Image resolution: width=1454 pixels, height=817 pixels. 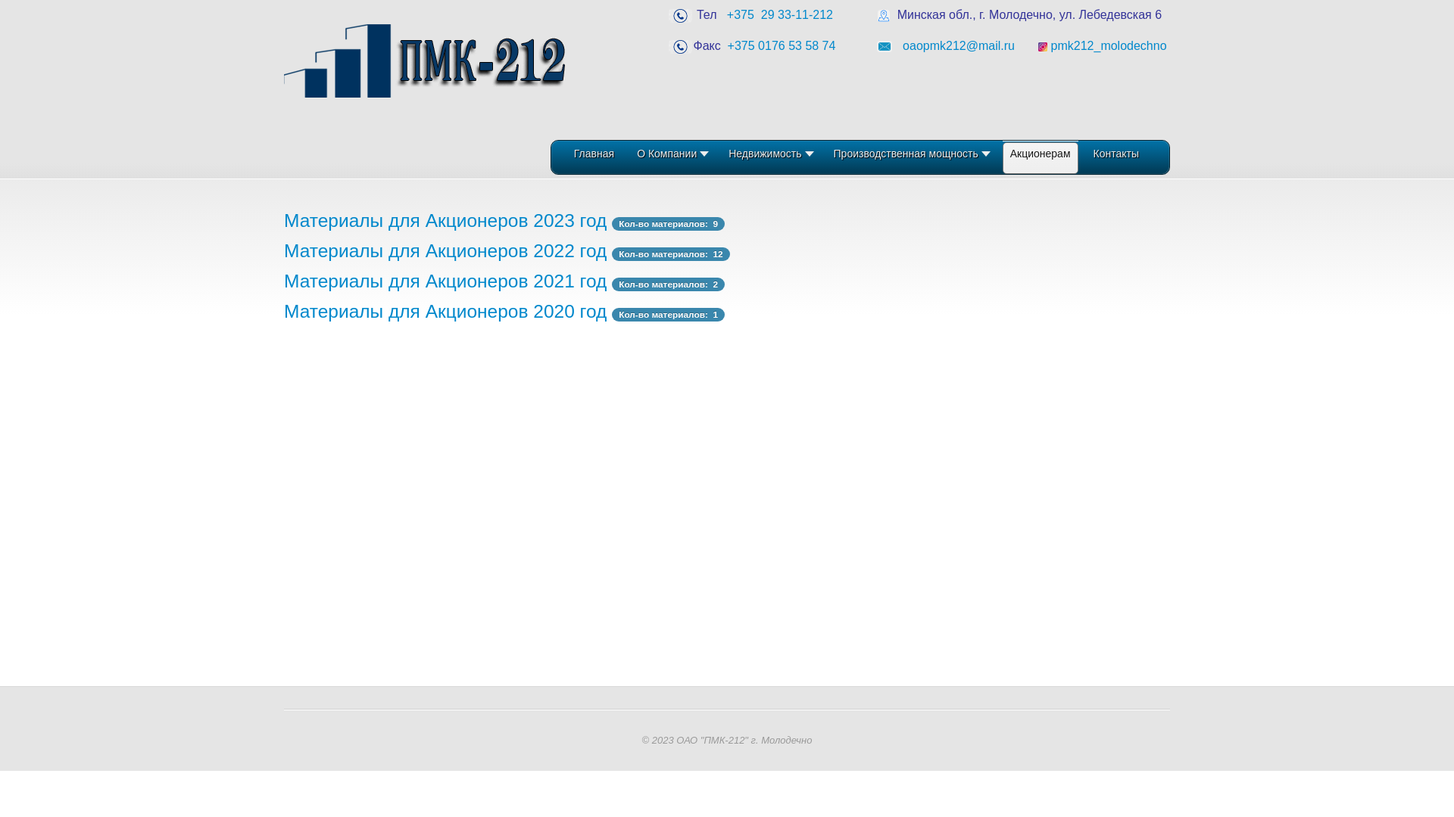 I want to click on 'oaopmk212@mail.ru ', so click(x=902, y=45).